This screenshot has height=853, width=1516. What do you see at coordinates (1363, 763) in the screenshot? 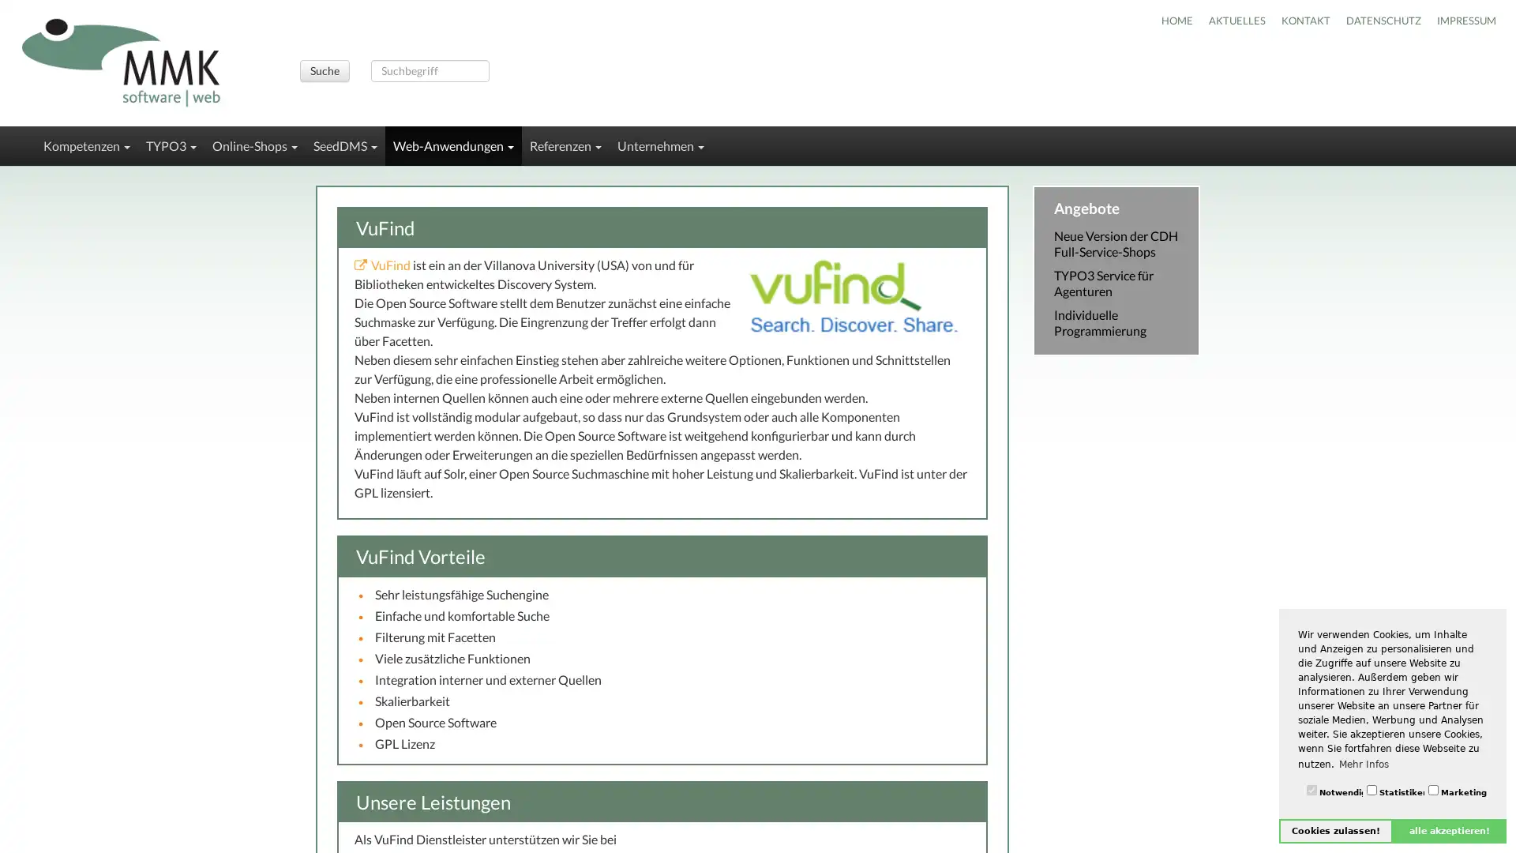
I see `learn more about cookies` at bounding box center [1363, 763].